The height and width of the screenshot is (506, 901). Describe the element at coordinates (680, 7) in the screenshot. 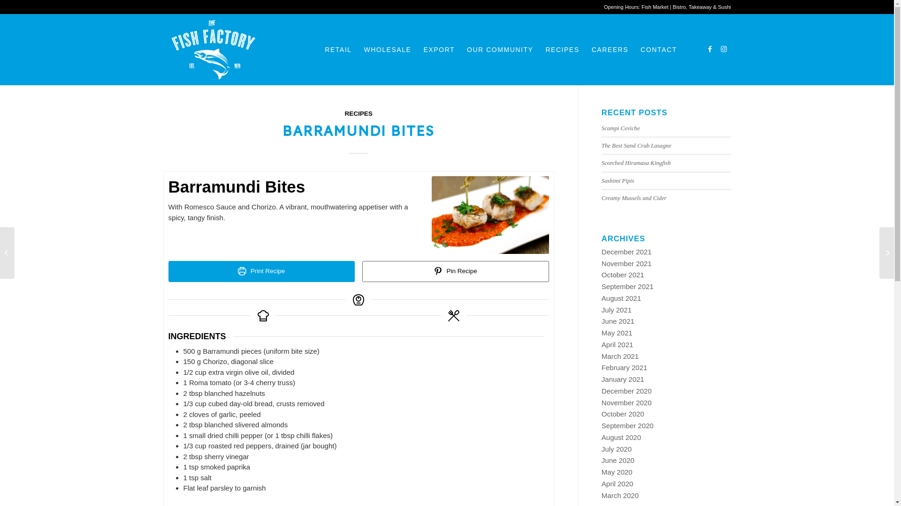

I see `'Bistro'` at that location.